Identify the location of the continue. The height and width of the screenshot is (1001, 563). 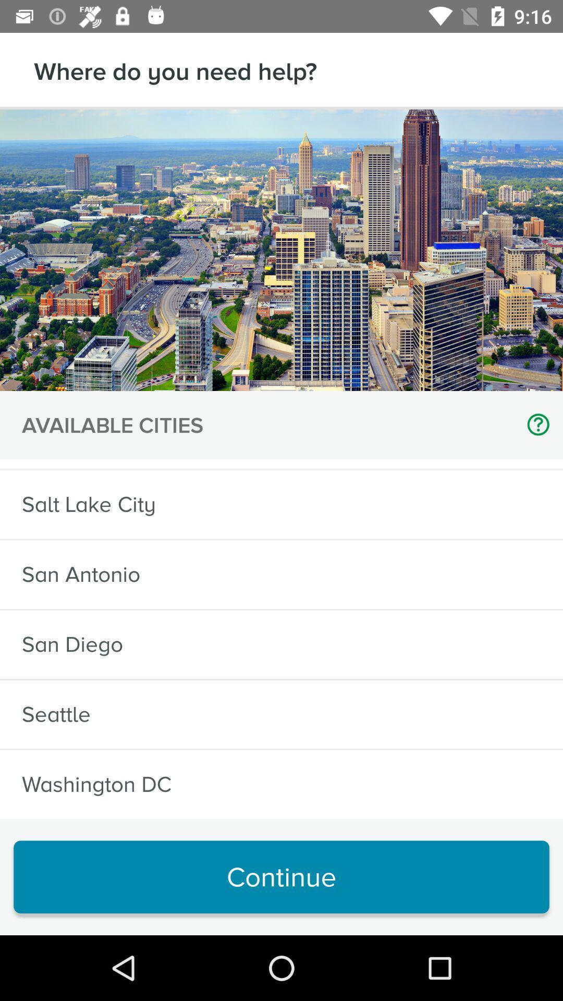
(281, 876).